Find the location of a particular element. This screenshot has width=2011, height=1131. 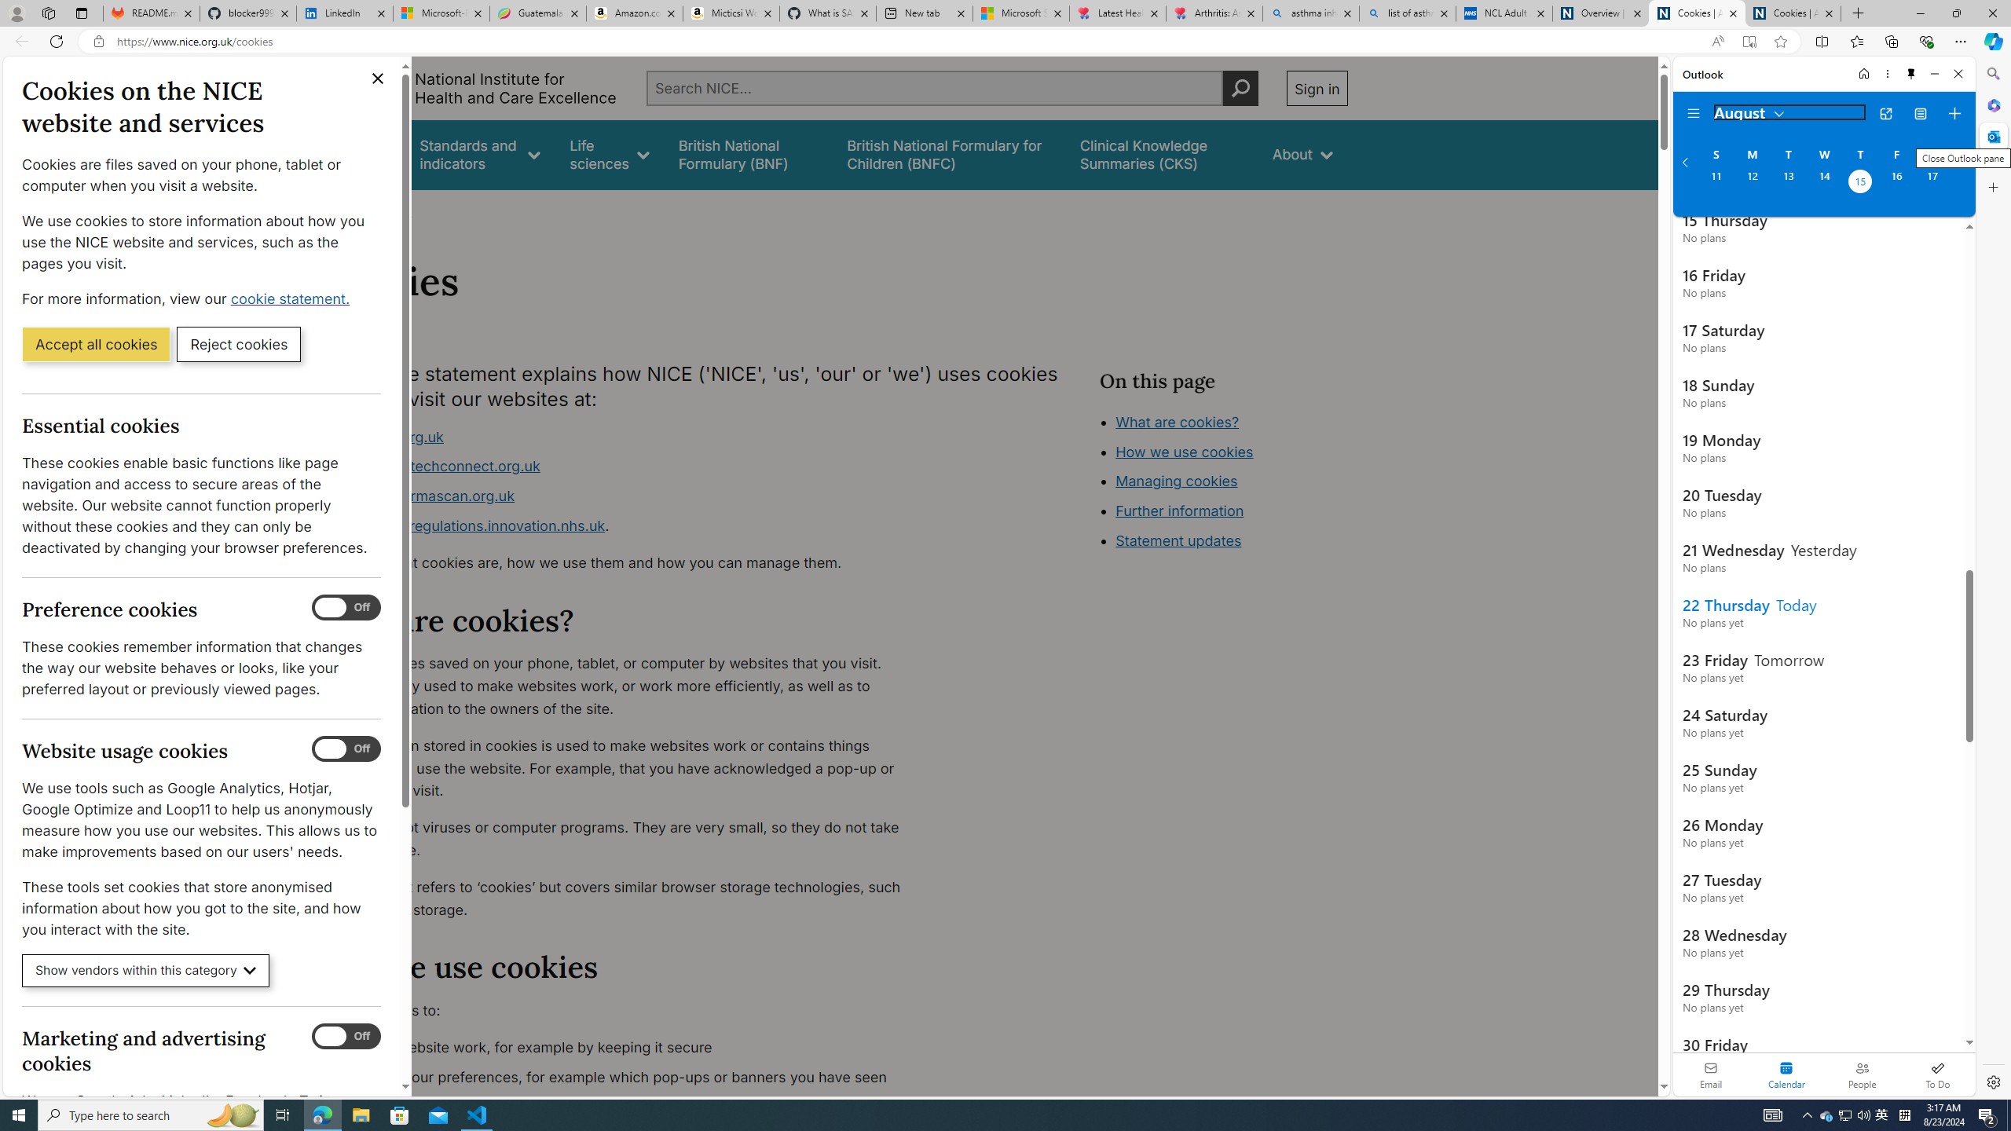

'Perform search' is located at coordinates (1240, 87).